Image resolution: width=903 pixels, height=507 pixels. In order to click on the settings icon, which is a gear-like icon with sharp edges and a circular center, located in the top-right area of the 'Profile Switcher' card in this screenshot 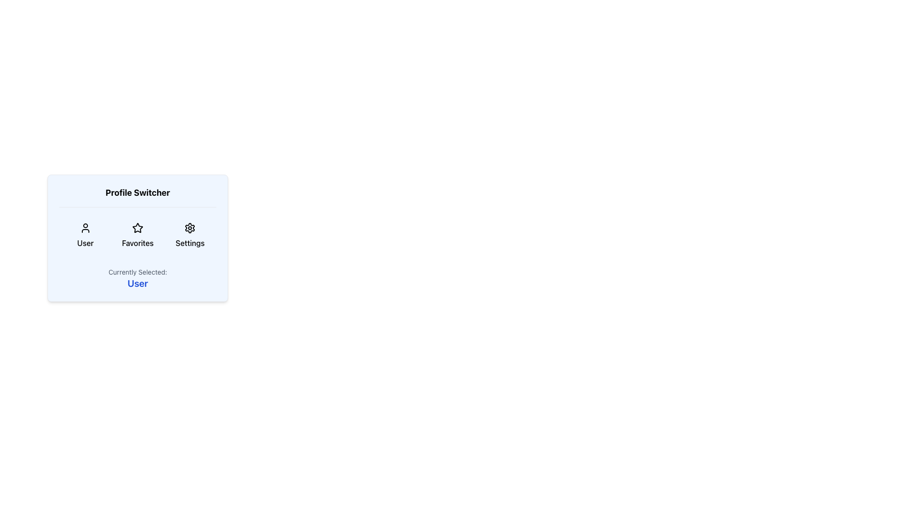, I will do `click(190, 228)`.